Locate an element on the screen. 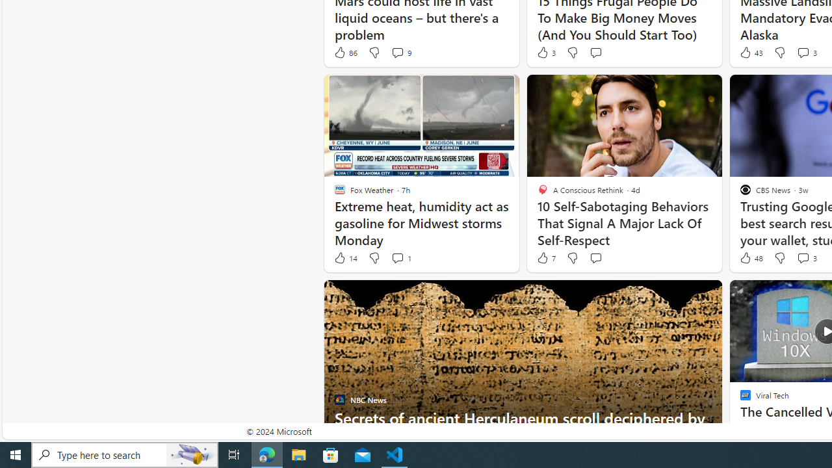 The width and height of the screenshot is (832, 468). '48 Like' is located at coordinates (750, 258).